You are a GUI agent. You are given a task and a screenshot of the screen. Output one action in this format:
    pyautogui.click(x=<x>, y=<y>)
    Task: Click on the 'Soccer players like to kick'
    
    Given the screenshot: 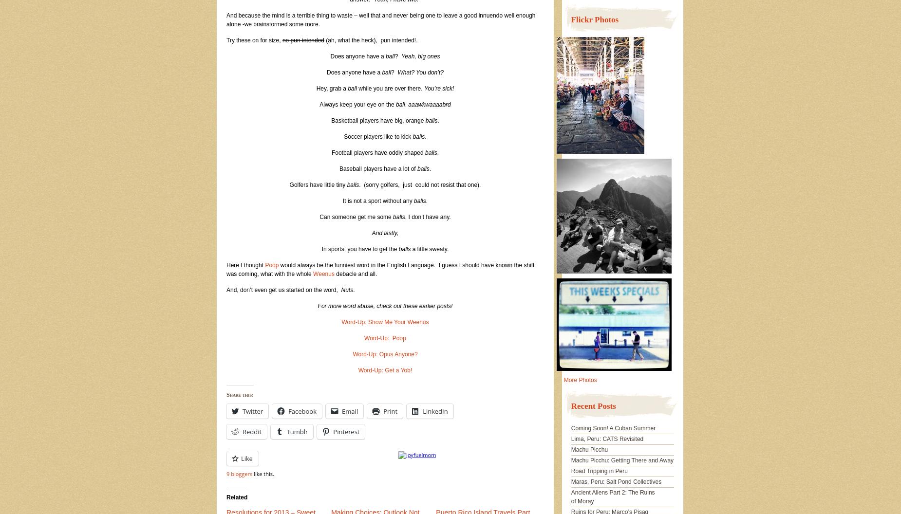 What is the action you would take?
    pyautogui.click(x=378, y=137)
    